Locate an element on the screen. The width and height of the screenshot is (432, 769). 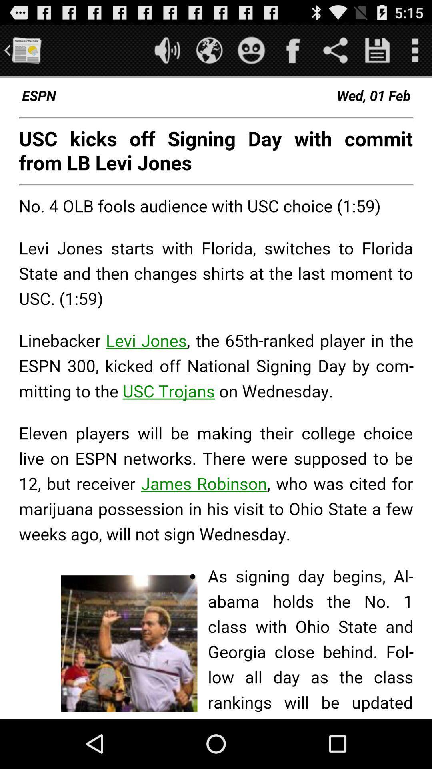
news is located at coordinates (26, 50).